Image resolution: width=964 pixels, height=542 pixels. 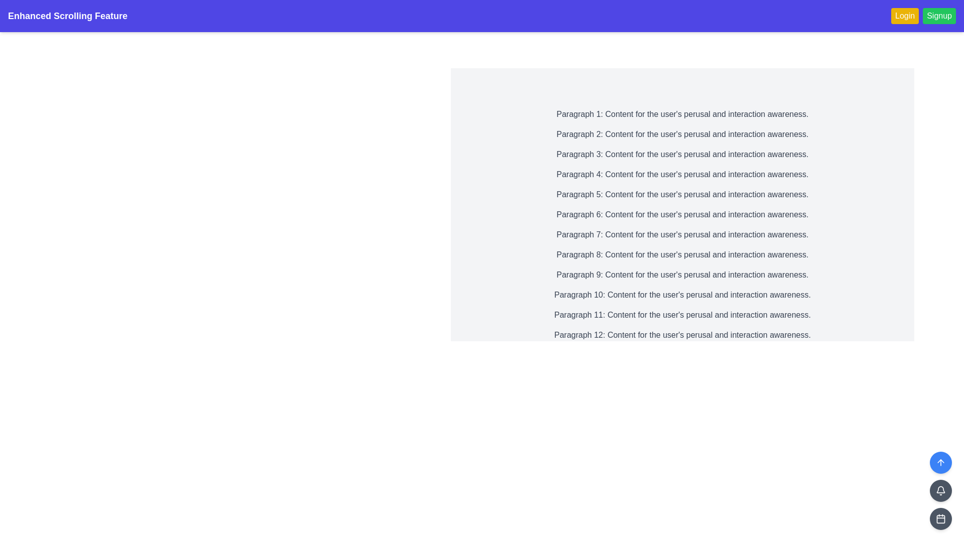 What do you see at coordinates (682, 195) in the screenshot?
I see `the Text Label displaying 'Paragraph 5', which is the fifth paragraph in a vertically-stacked list of text elements` at bounding box center [682, 195].